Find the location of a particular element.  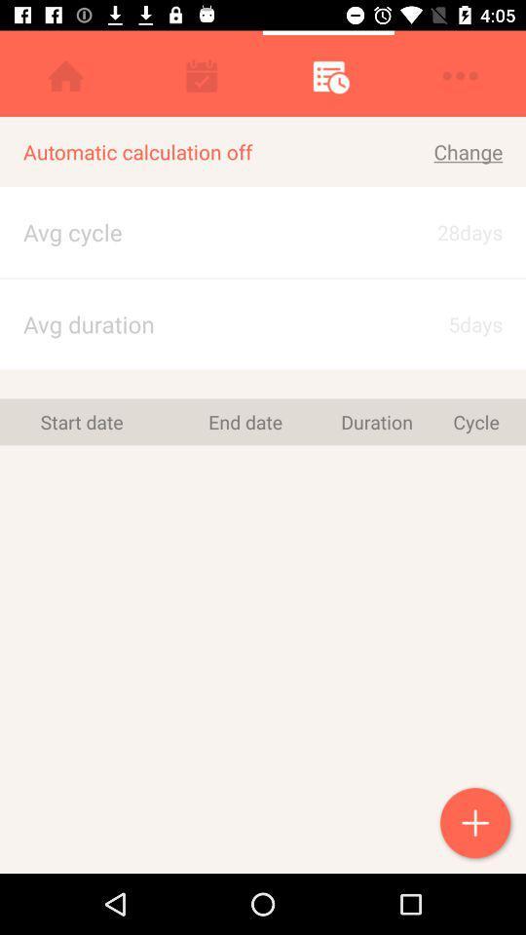

5days is located at coordinates (451, 324).